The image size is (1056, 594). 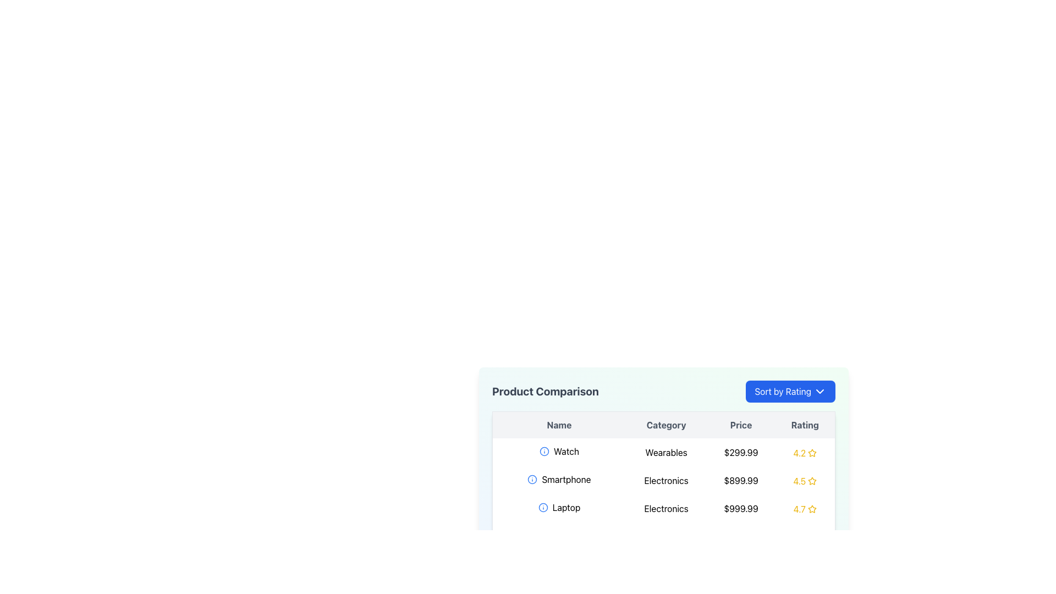 What do you see at coordinates (741, 508) in the screenshot?
I see `price displayed in the text label showing '$999.99' located in the fourth column of the 'Laptop' row in the product comparison table` at bounding box center [741, 508].